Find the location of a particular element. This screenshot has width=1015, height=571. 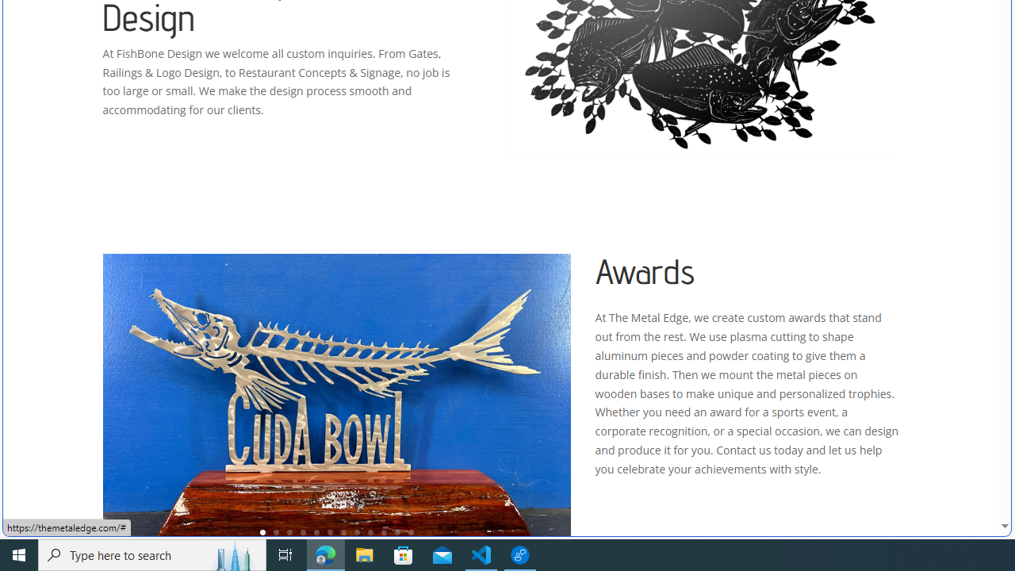

'5' is located at coordinates (316, 532).